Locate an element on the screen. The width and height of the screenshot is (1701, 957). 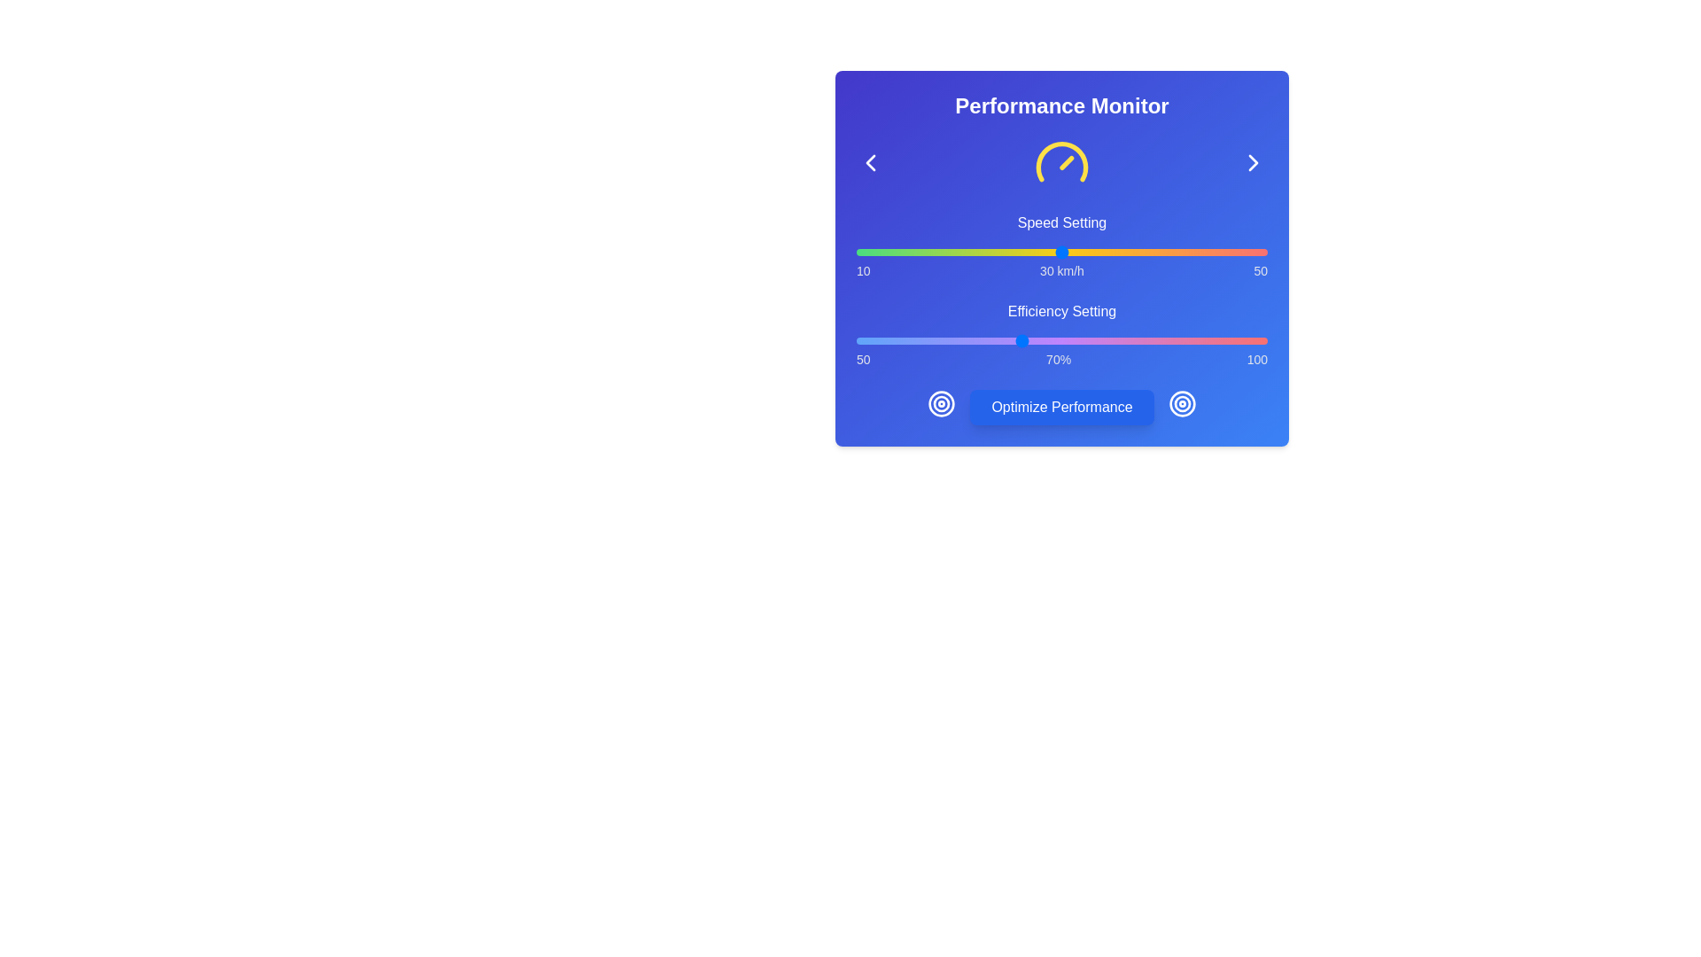
the Efficiency slider to set the efficiency to 53% is located at coordinates (881, 341).